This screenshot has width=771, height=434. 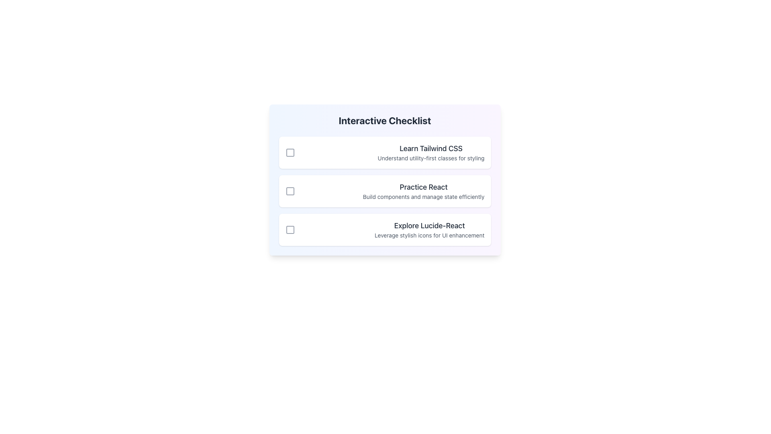 I want to click on the descriptive text in the third card of the interactive checklist that provides information about leveraging stylish icons using Lucide-React, so click(x=429, y=229).